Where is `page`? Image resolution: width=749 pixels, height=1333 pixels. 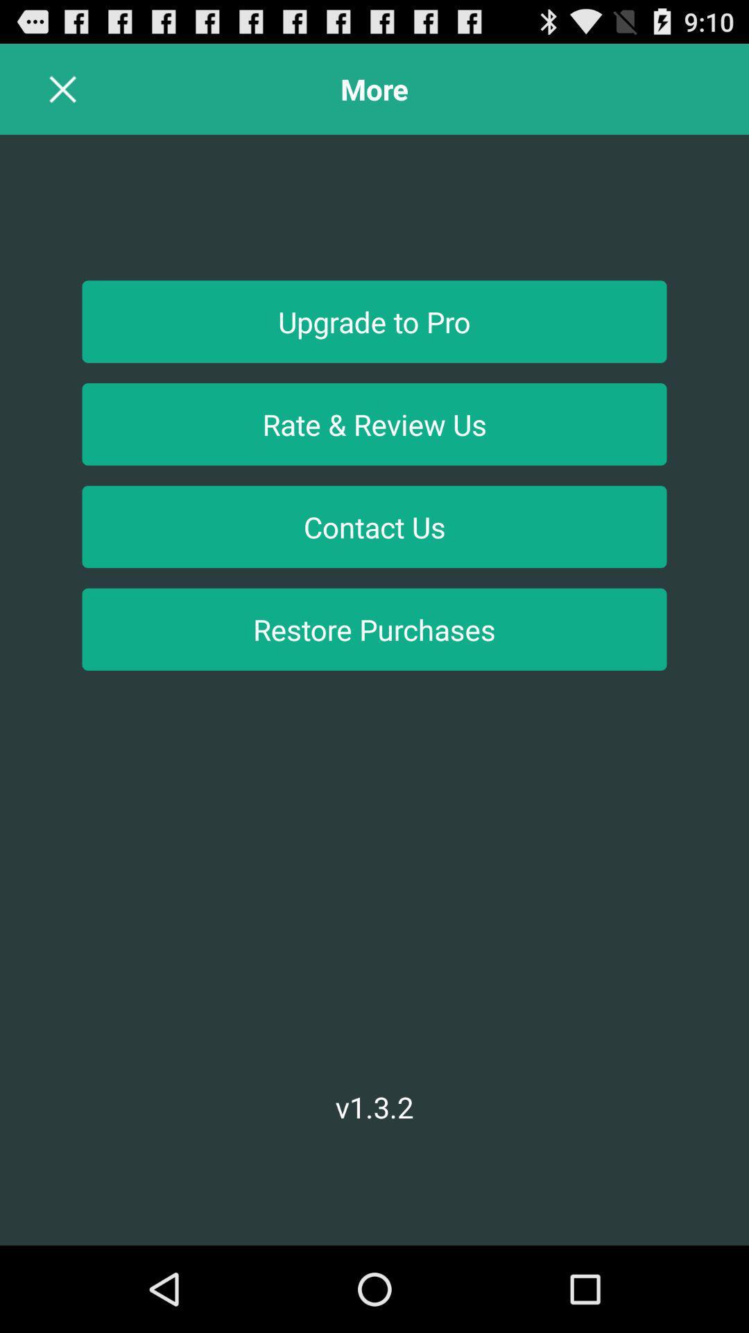
page is located at coordinates (63, 88).